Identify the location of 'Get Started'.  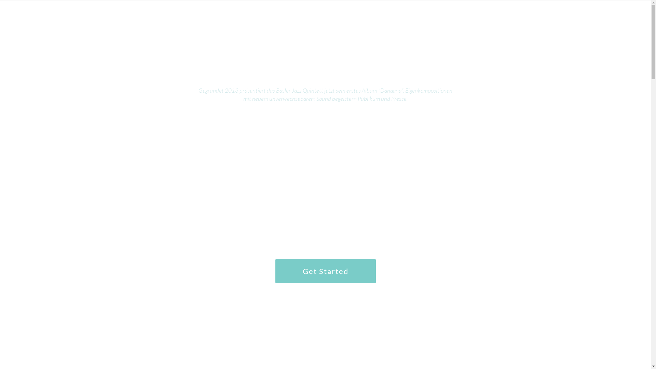
(325, 271).